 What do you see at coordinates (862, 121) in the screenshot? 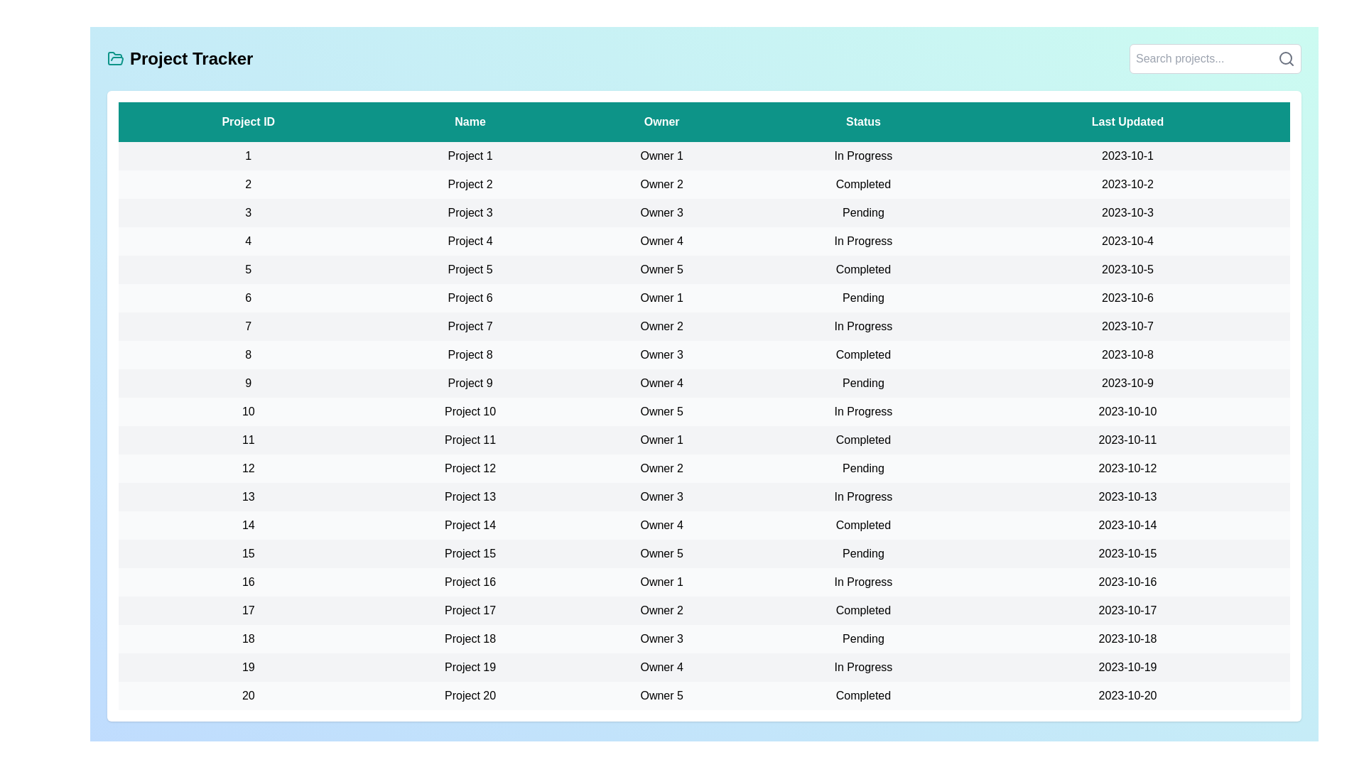
I see `the column header Status to sort the table by that column` at bounding box center [862, 121].